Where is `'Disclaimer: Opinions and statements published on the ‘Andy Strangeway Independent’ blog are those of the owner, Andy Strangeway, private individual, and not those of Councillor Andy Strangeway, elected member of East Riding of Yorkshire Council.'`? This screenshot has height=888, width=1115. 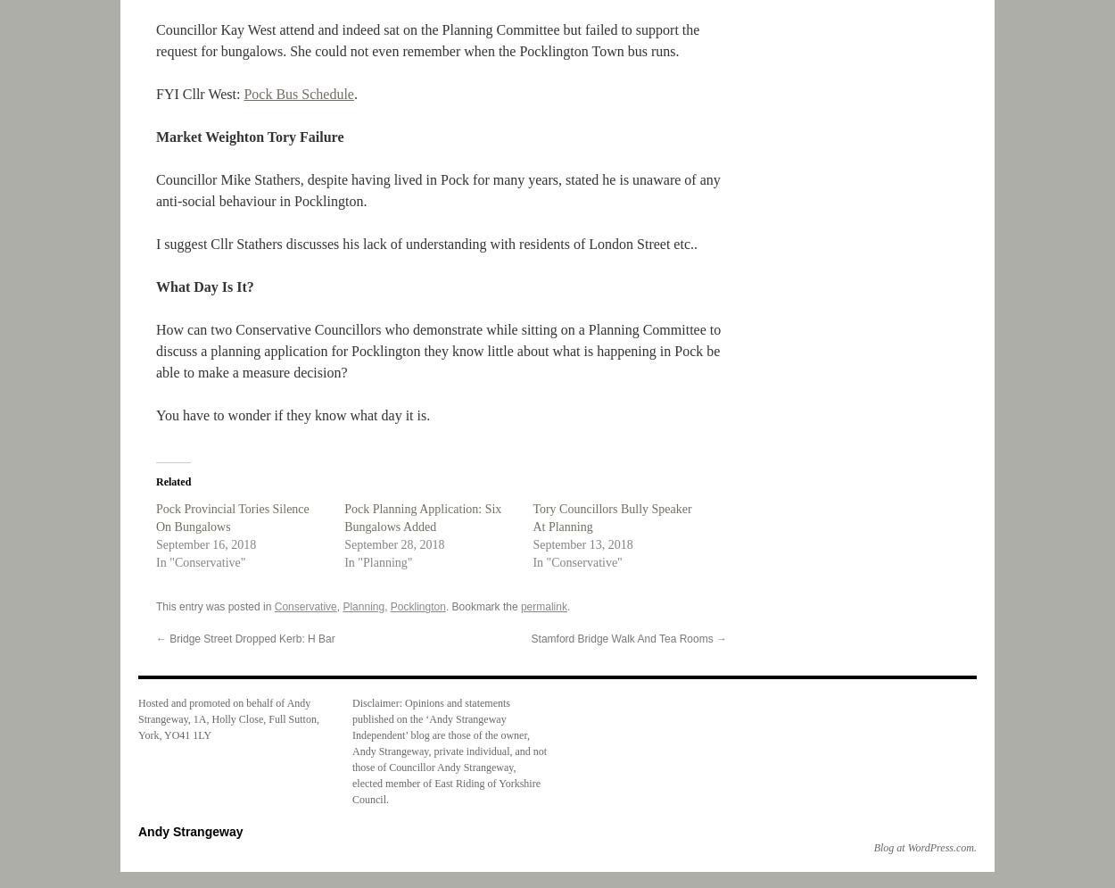 'Disclaimer: Opinions and statements published on the ‘Andy Strangeway Independent’ blog are those of the owner, Andy Strangeway, private individual, and not those of Councillor Andy Strangeway, elected member of East Riding of Yorkshire Council.' is located at coordinates (450, 750).